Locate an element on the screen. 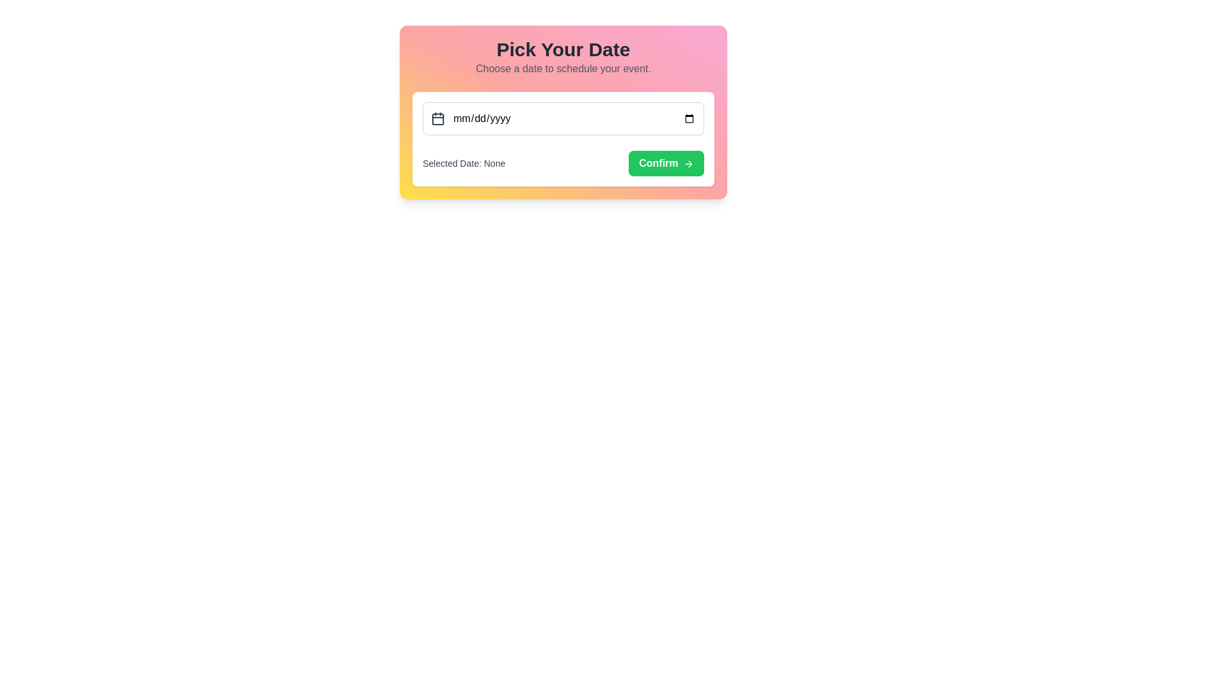 The width and height of the screenshot is (1228, 690). the right-pointing arrow icon located in the 'Confirm' button area, which is styled to match the surrounding SVG icon is located at coordinates (689, 163).